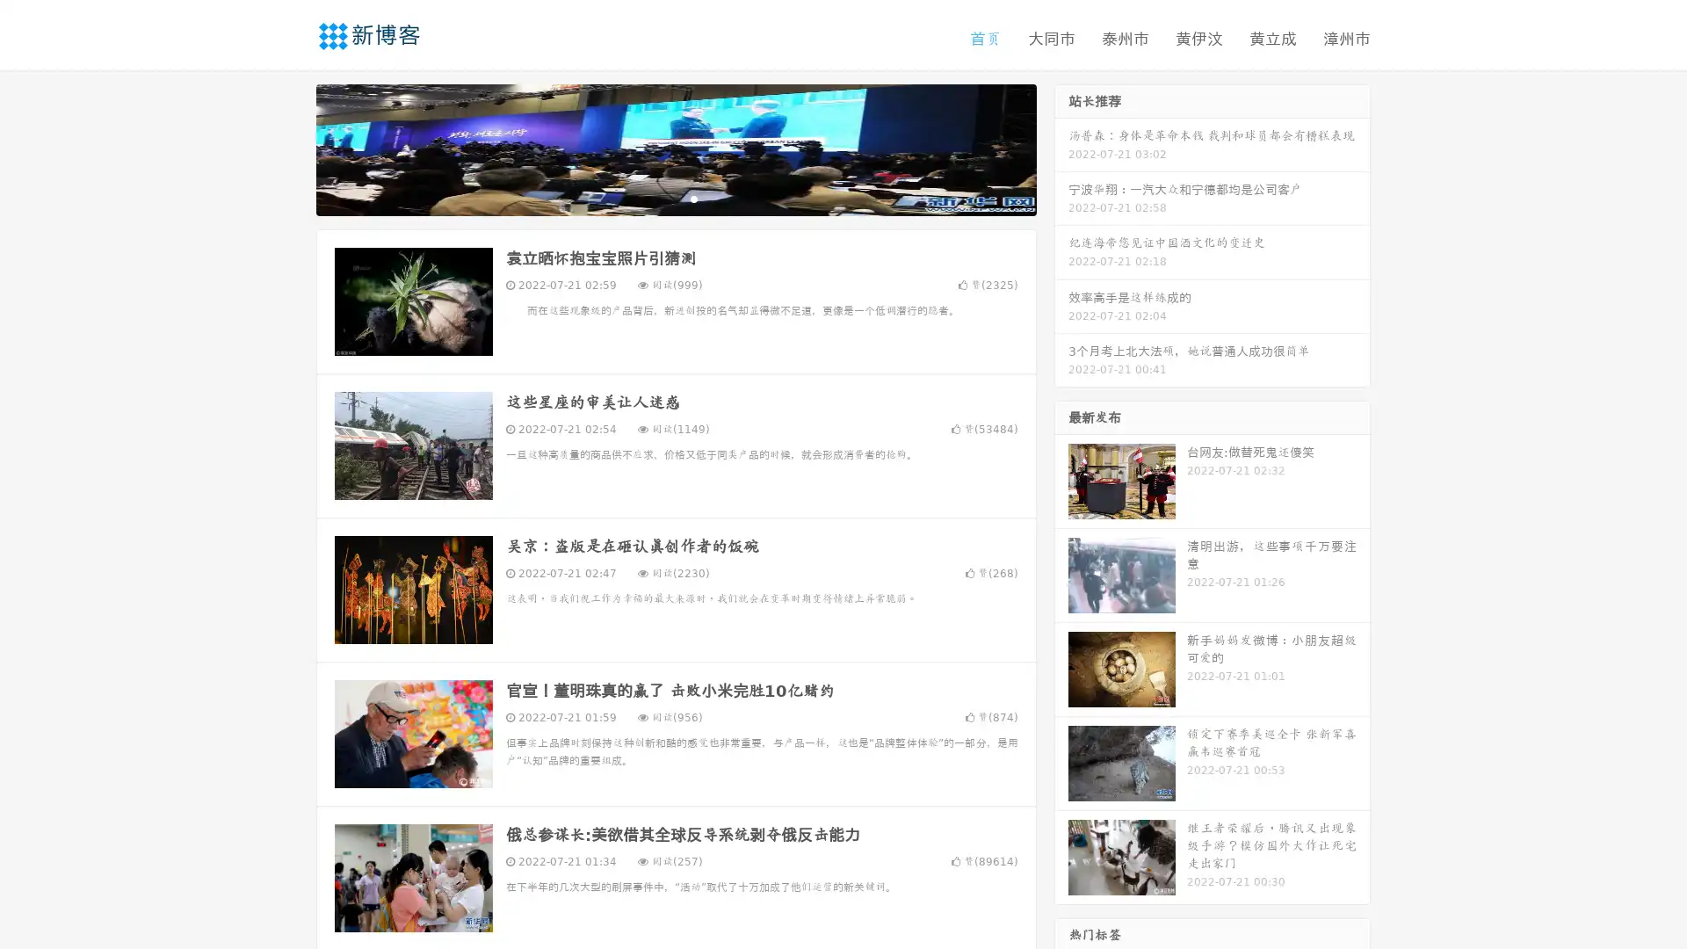  I want to click on Go to slide 3, so click(693, 198).